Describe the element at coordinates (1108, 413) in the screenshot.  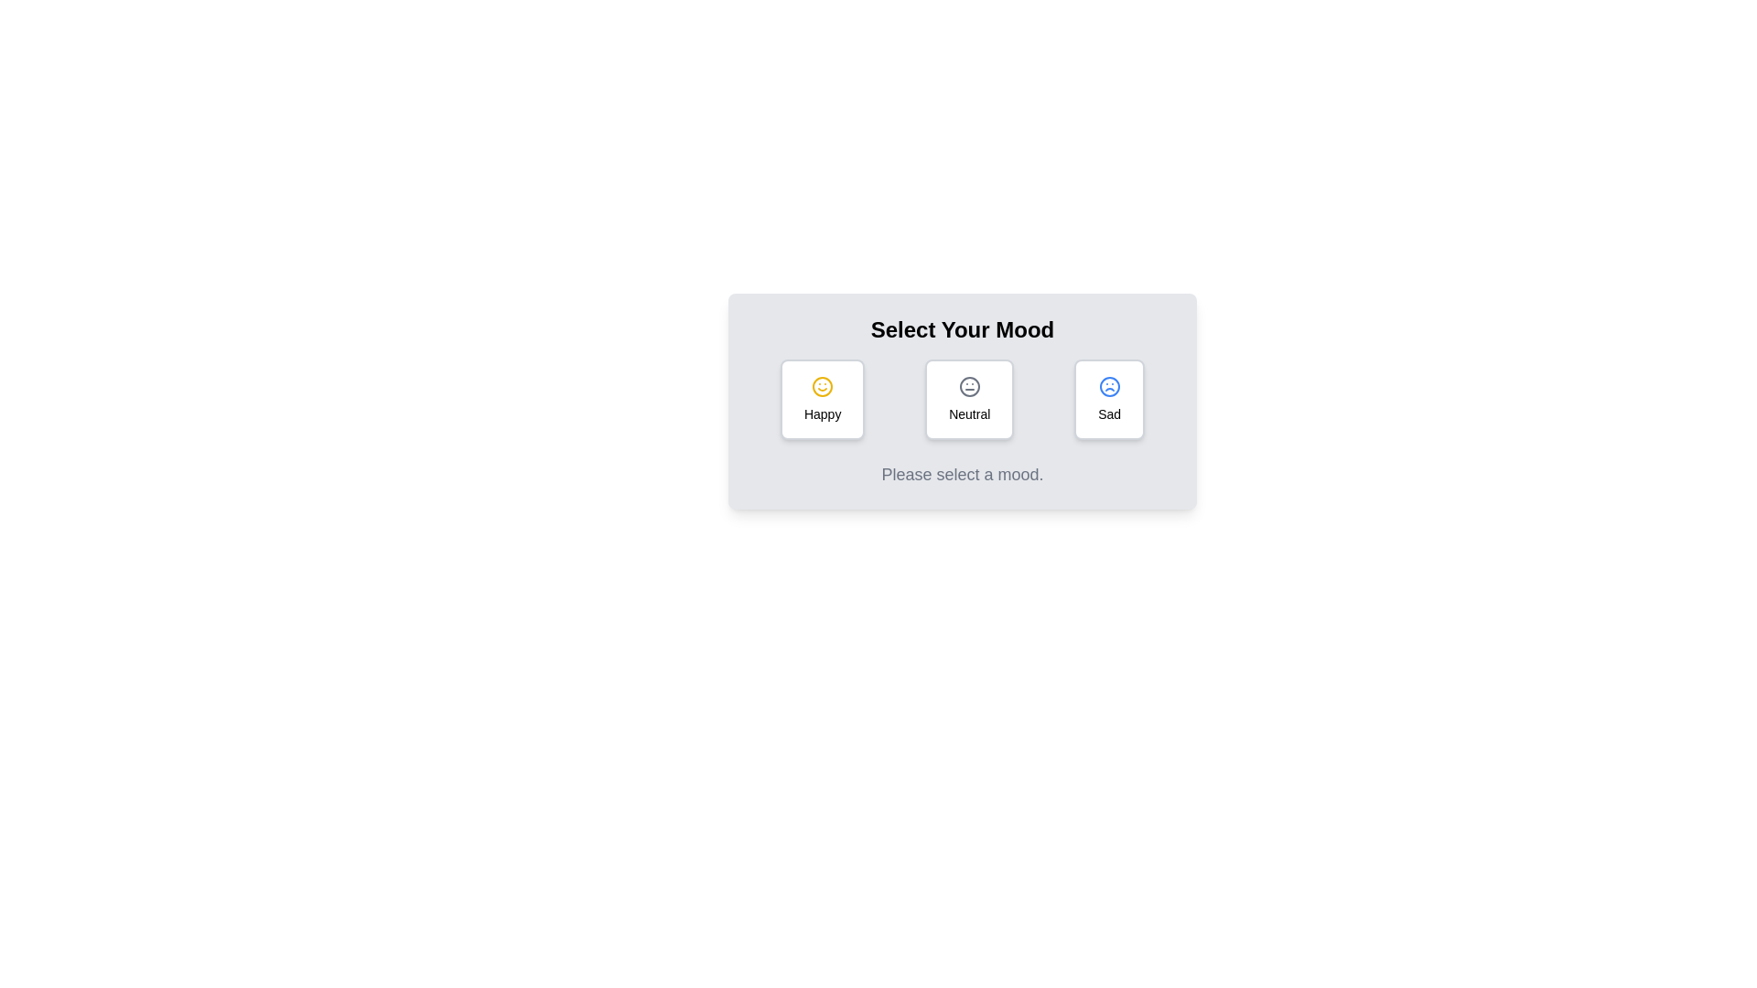
I see `text label that describes the mood represented by the card, which is 'Sad', located at the bottom of the mood-selector card on the far-right` at that location.